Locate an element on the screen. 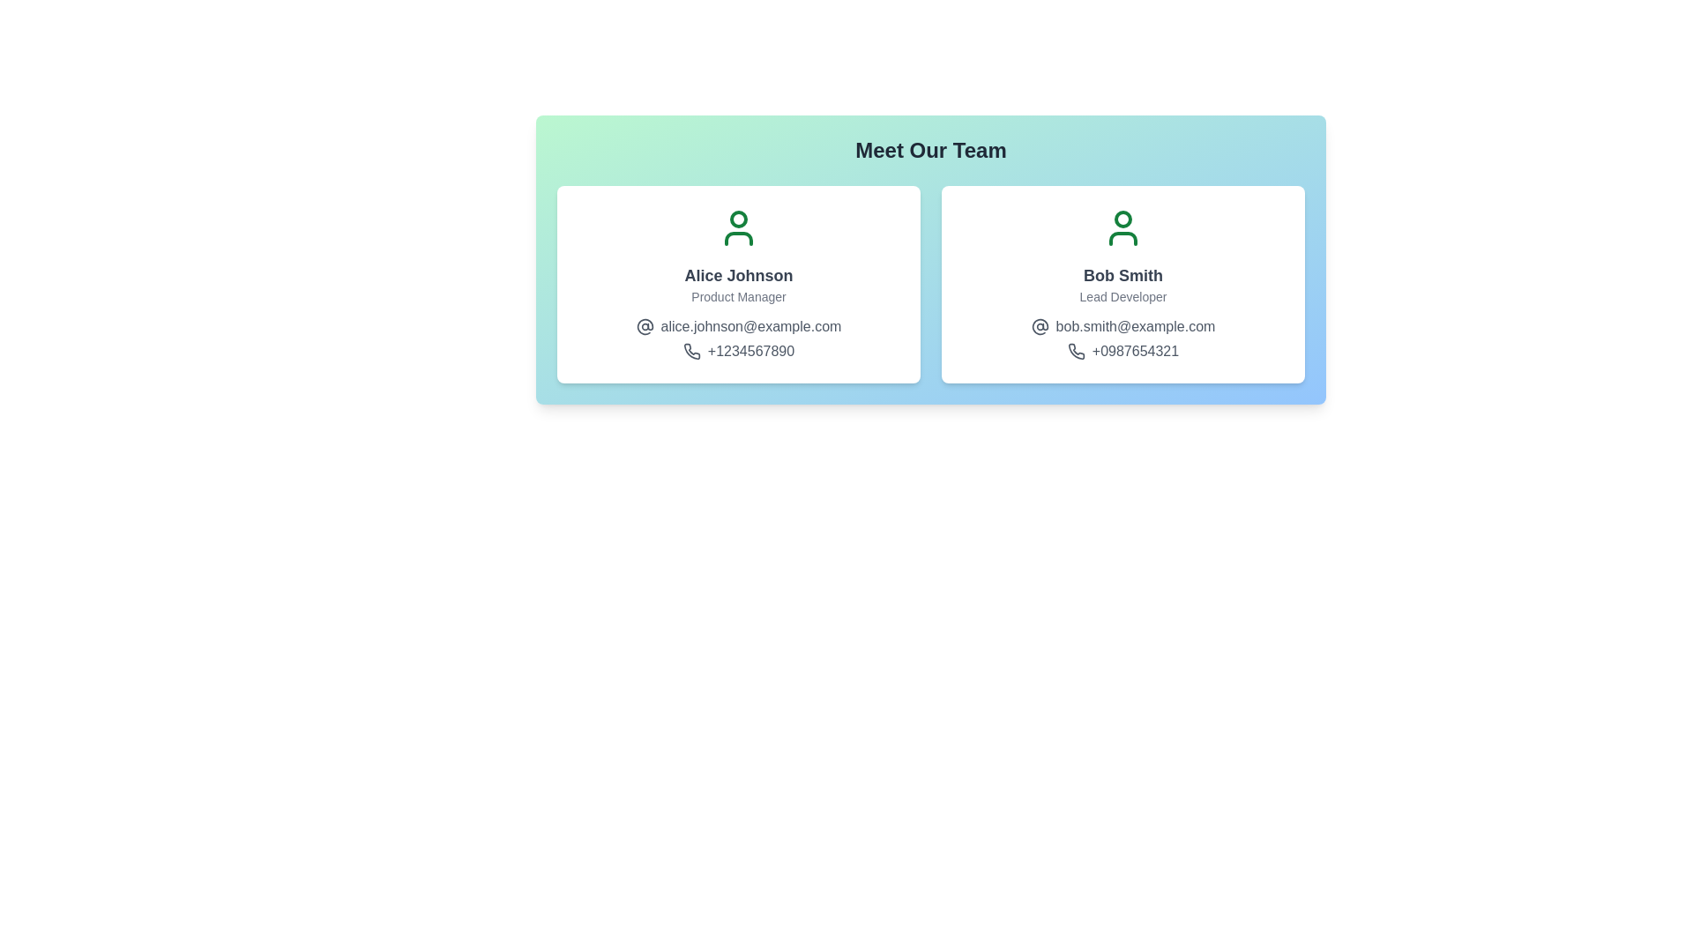 The width and height of the screenshot is (1693, 952). the phone icon located to the left of the phone number in the contact information section of Alice Johnson's profile card is located at coordinates (690, 351).